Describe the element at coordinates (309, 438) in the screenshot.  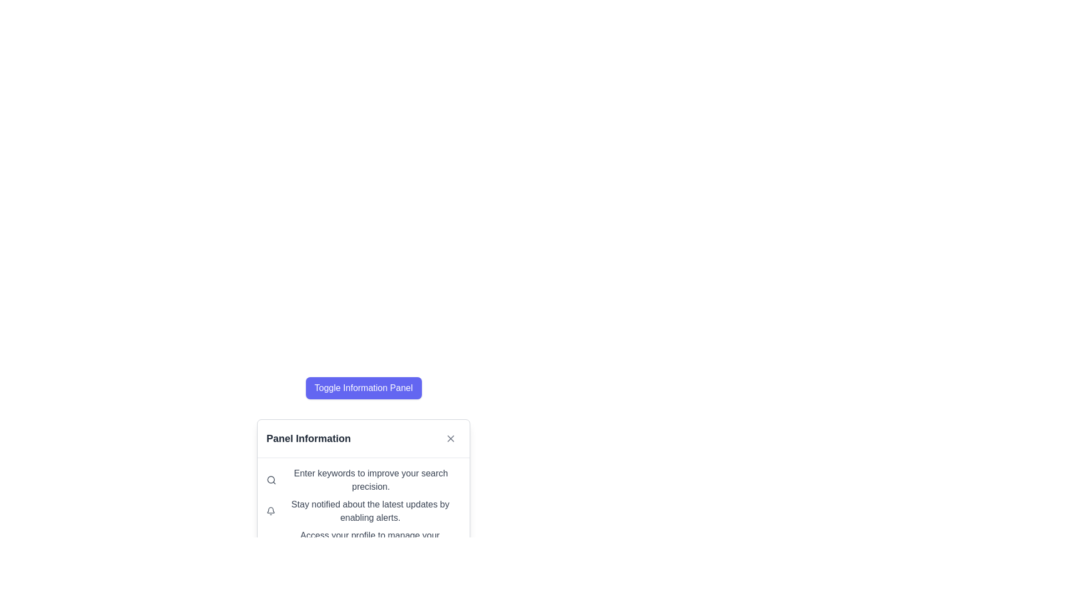
I see `the title text located in the top-left section of the panel header, which provides context about the panel's content` at that location.